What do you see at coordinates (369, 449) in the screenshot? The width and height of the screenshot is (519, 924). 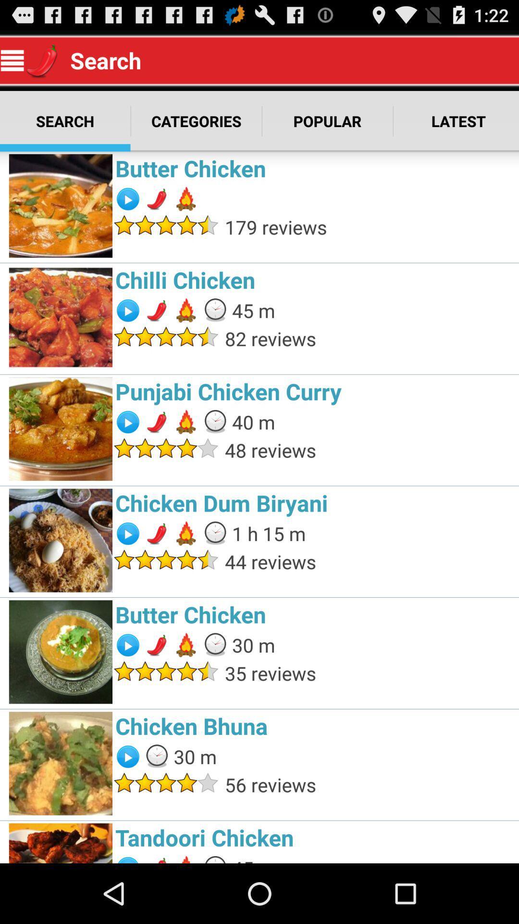 I see `48 reviews item` at bounding box center [369, 449].